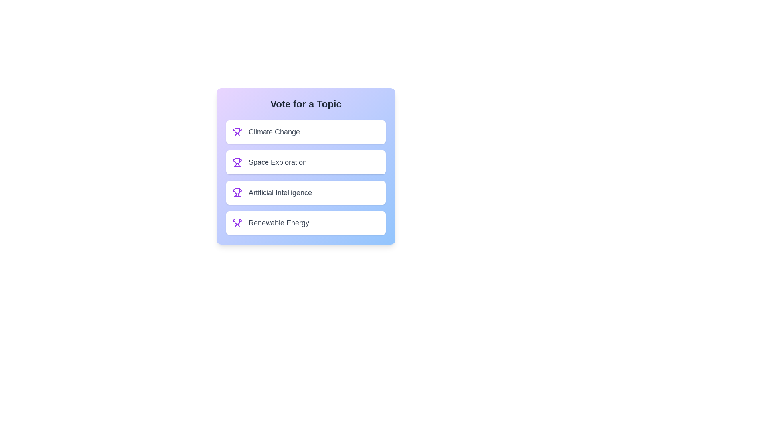  I want to click on the text label reading 'Renewable Energy', which is styled with a medium font weight and large size, located in the bottom-most row of a vertical list beneath 'Artificial Intelligence', so click(279, 223).